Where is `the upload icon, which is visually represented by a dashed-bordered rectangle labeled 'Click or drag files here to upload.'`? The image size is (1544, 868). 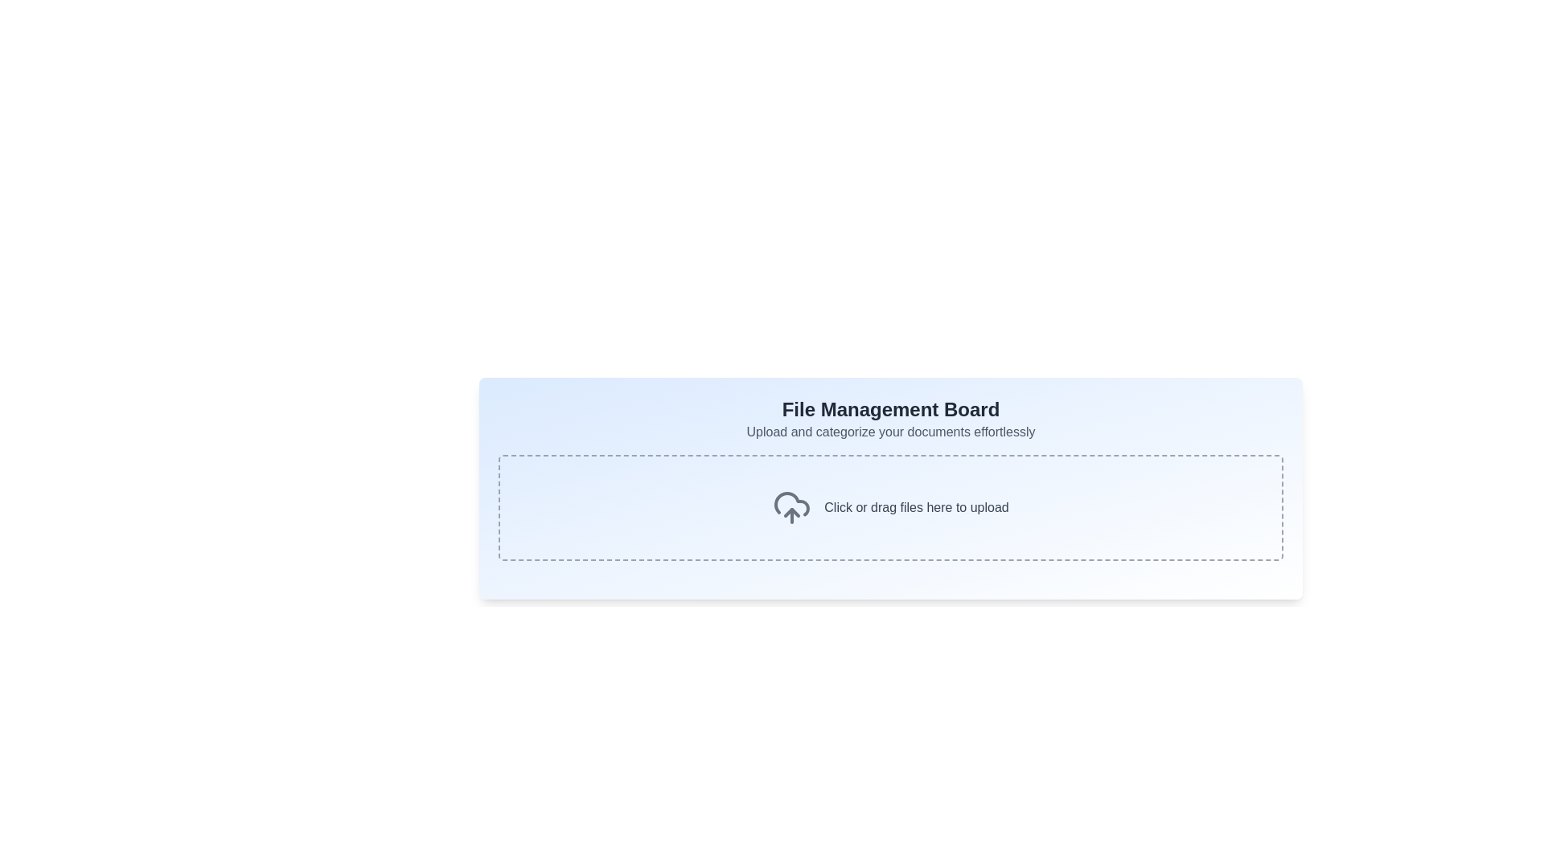 the upload icon, which is visually represented by a dashed-bordered rectangle labeled 'Click or drag files here to upload.' is located at coordinates (792, 508).